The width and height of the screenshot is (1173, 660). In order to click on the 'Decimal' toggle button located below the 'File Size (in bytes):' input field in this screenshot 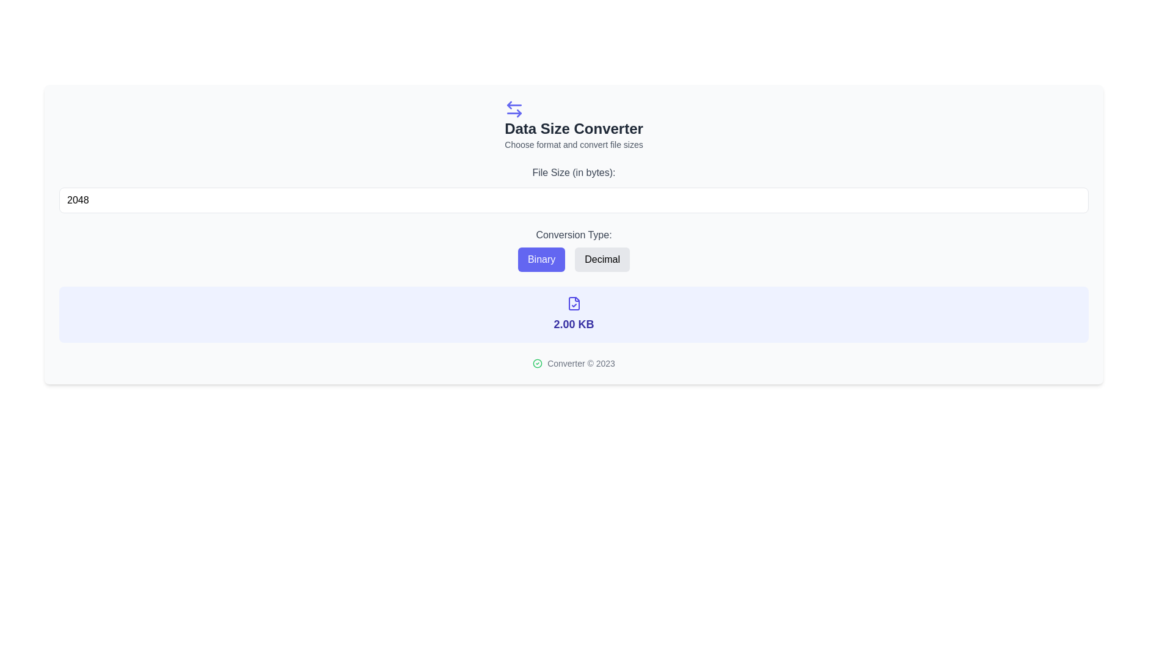, I will do `click(573, 249)`.